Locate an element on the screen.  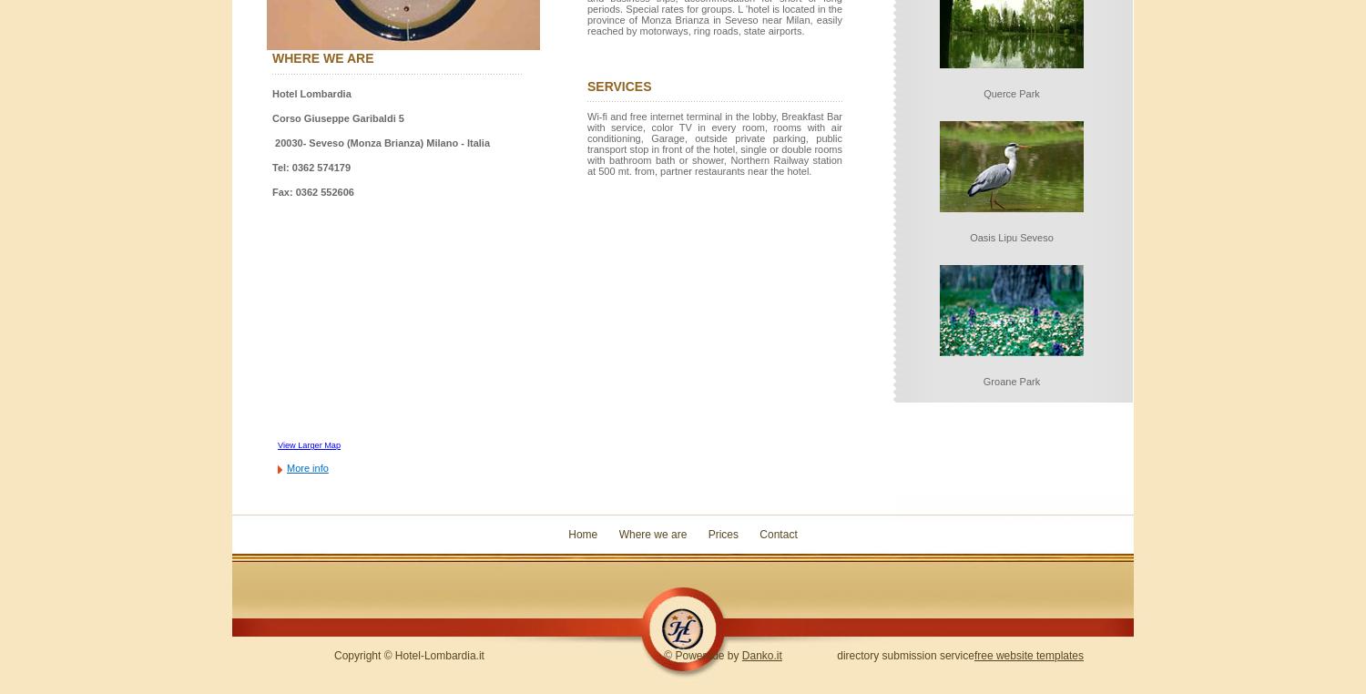
'Home' is located at coordinates (583, 534).